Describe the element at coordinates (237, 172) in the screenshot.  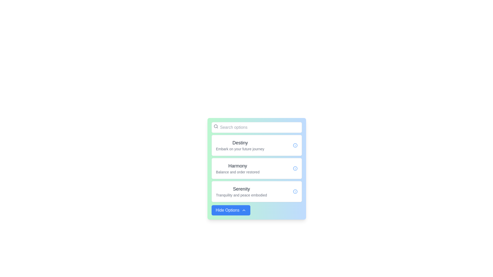
I see `the static text label displaying 'Balance and order restored', which is styled in gray and located below 'Harmony' in the card layout` at that location.